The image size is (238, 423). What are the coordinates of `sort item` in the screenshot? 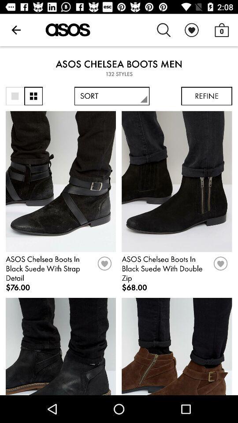 It's located at (112, 96).